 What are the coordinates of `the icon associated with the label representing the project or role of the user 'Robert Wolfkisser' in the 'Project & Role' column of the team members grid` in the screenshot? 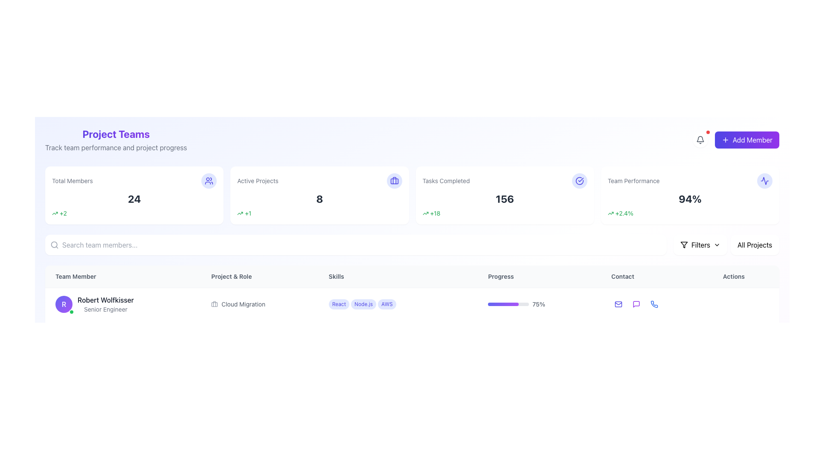 It's located at (259, 303).